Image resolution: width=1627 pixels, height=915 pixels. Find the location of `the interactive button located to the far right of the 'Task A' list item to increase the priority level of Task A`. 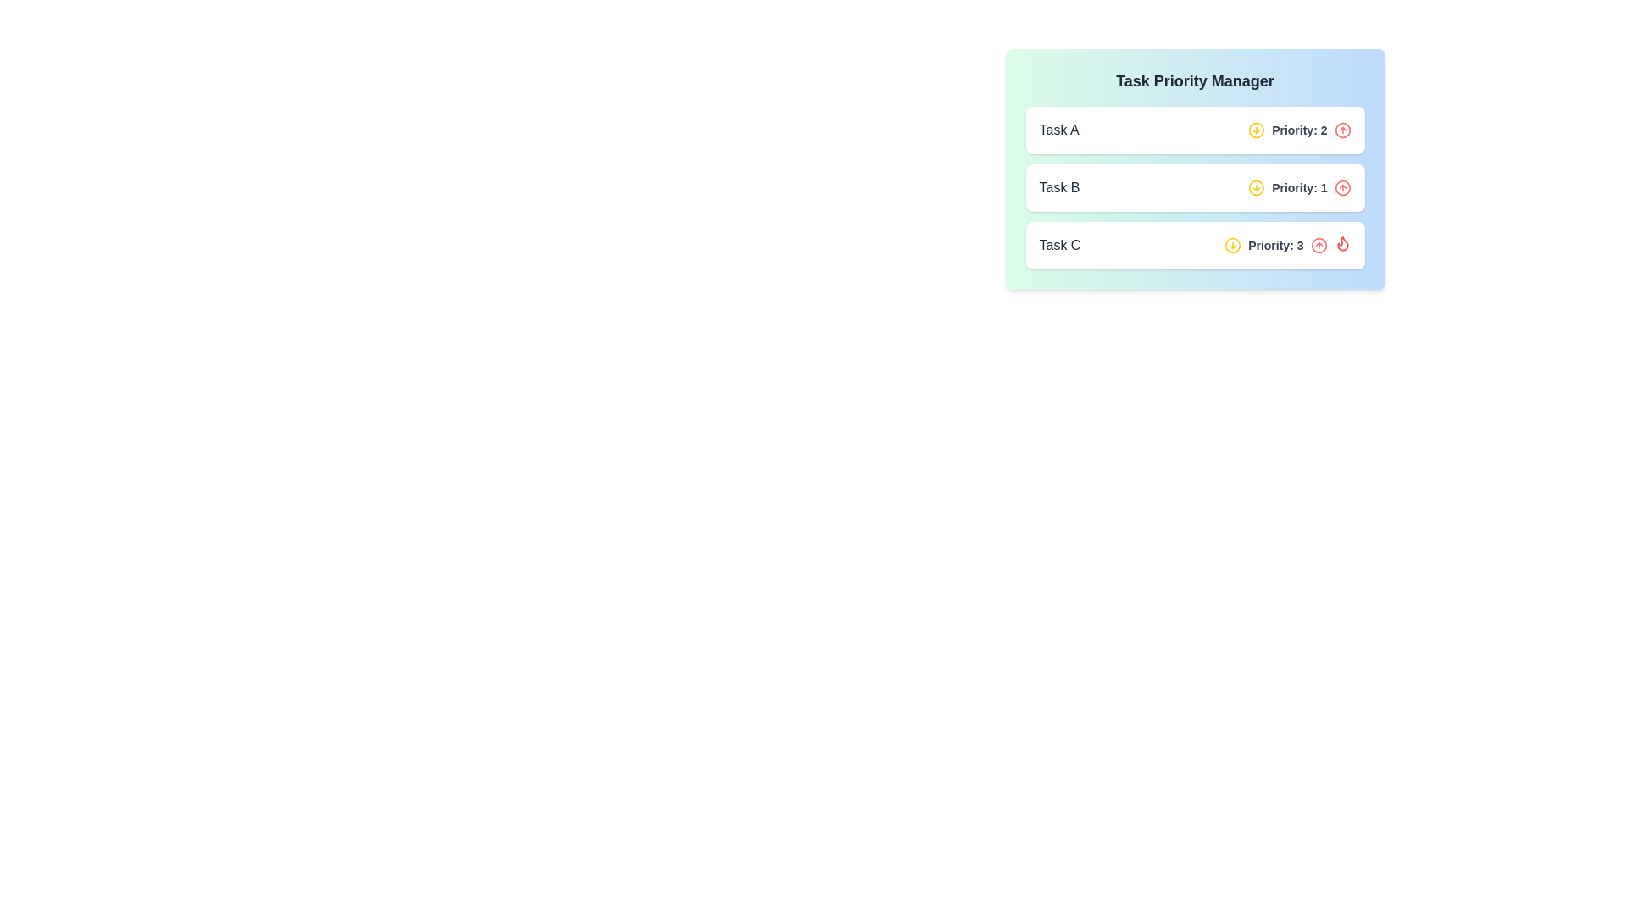

the interactive button located to the far right of the 'Task A' list item to increase the priority level of Task A is located at coordinates (1341, 130).